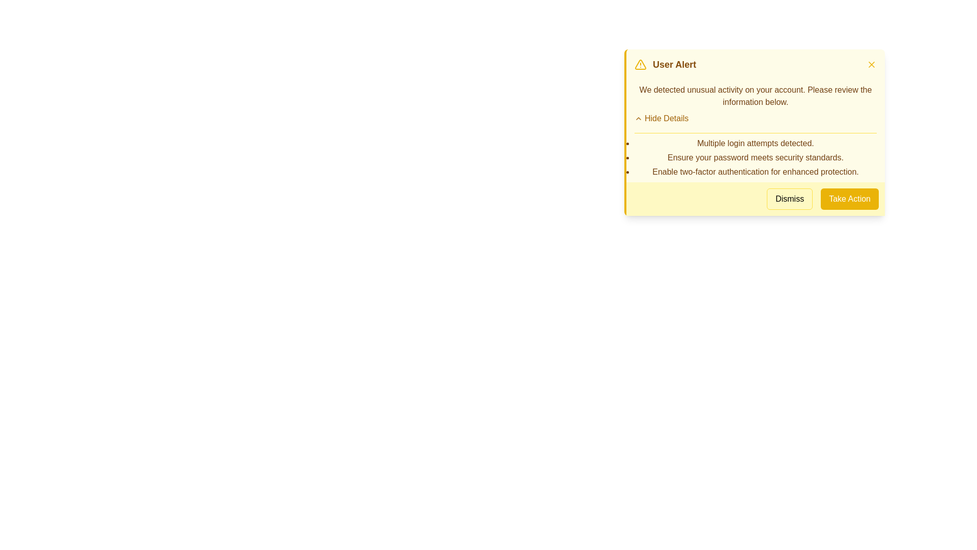 The image size is (977, 550). What do you see at coordinates (850, 199) in the screenshot?
I see `the 'Take Action' button located in the bottom-right corner of the yellow alert box to initiate the action related to the alert` at bounding box center [850, 199].